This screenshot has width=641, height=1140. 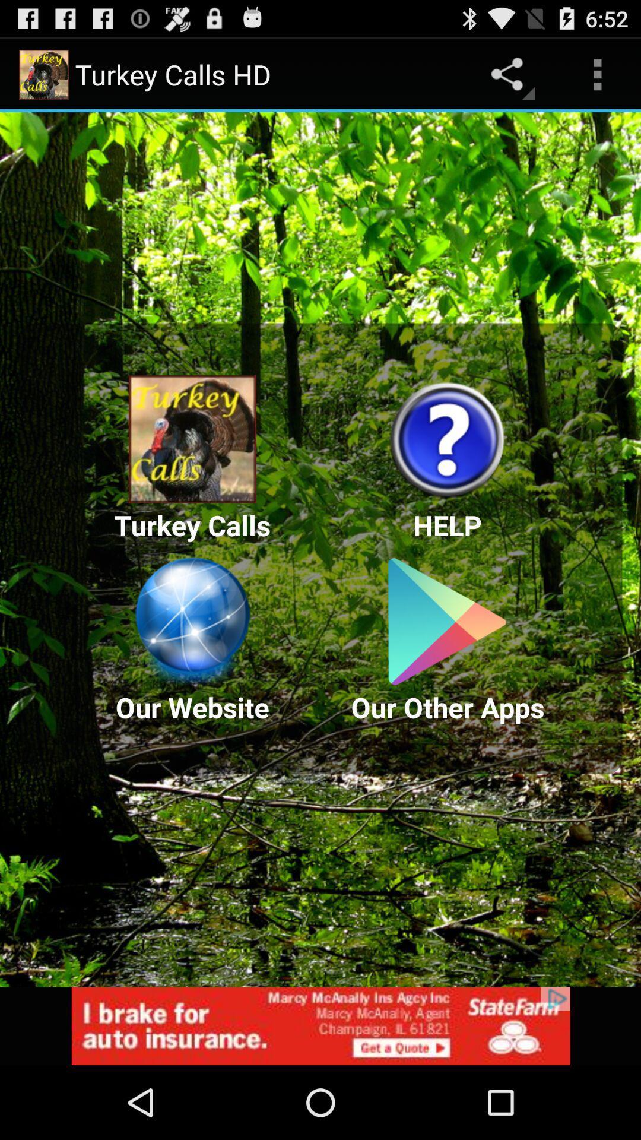 I want to click on advertisement, so click(x=320, y=1025).